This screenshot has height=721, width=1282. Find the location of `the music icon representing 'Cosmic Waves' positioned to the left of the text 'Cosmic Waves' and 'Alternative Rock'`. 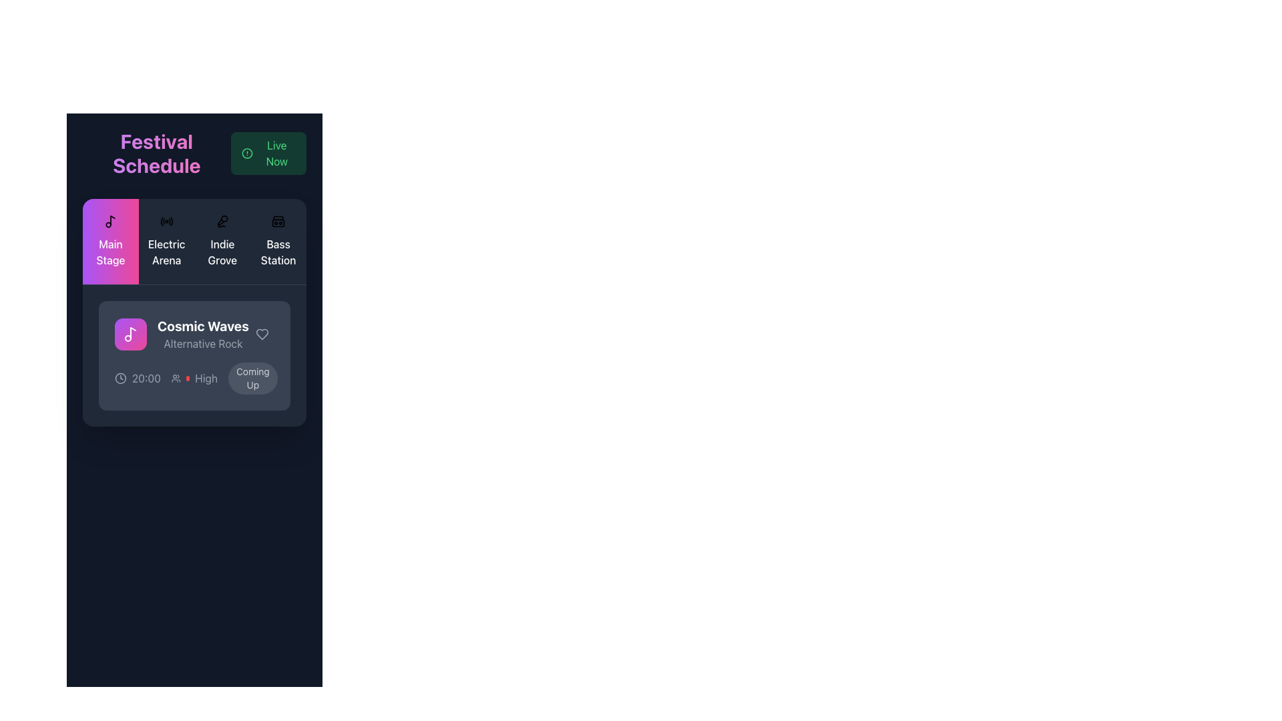

the music icon representing 'Cosmic Waves' positioned to the left of the text 'Cosmic Waves' and 'Alternative Rock' is located at coordinates (131, 334).